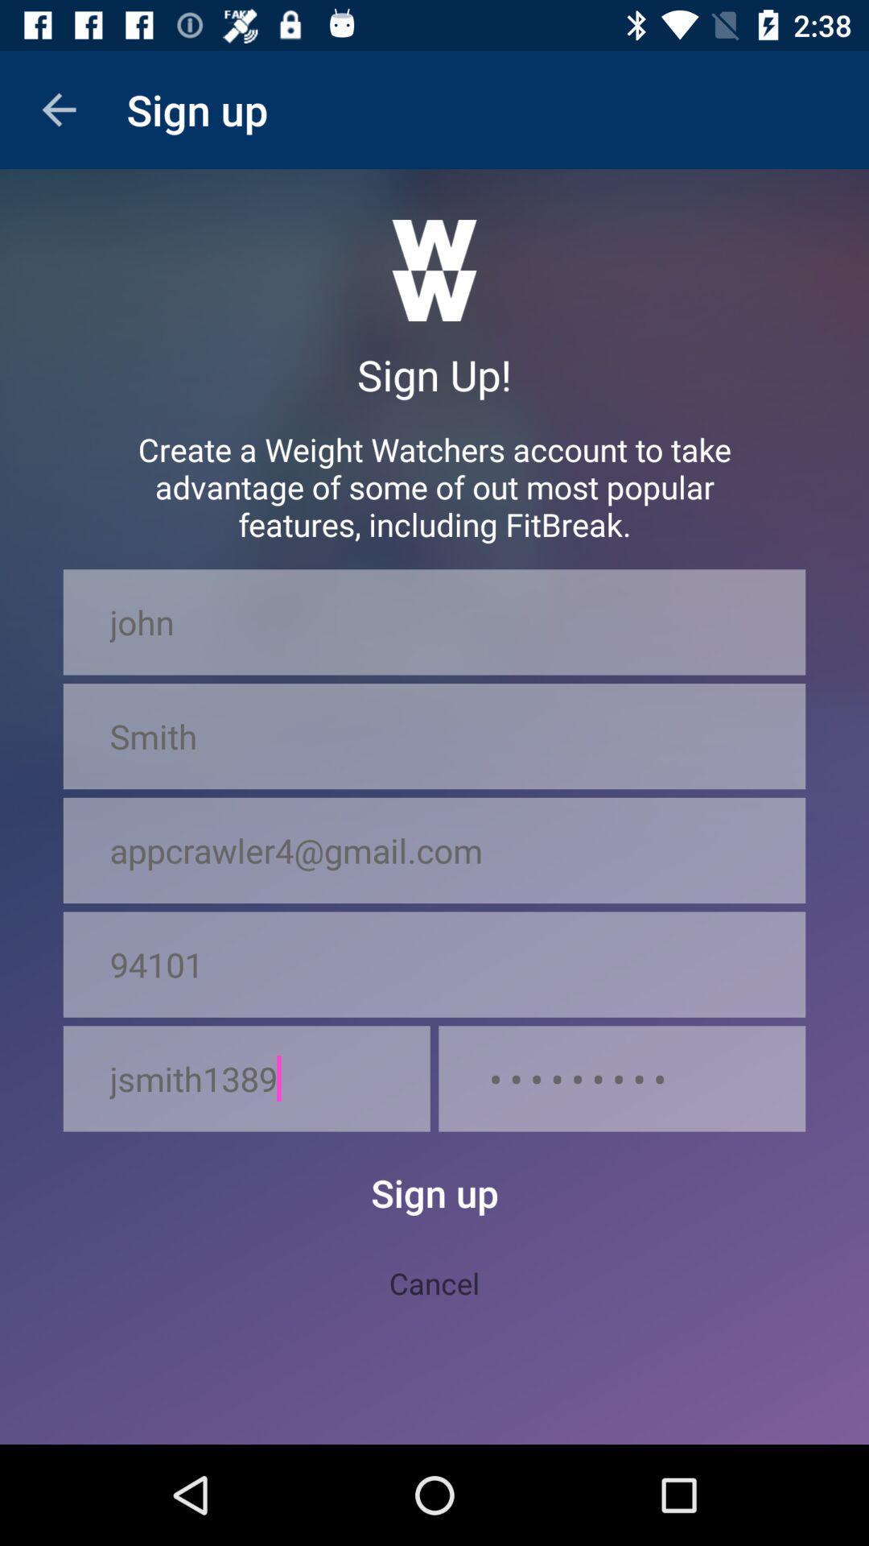  Describe the element at coordinates (621, 1078) in the screenshot. I see `the crowd3116 item` at that location.